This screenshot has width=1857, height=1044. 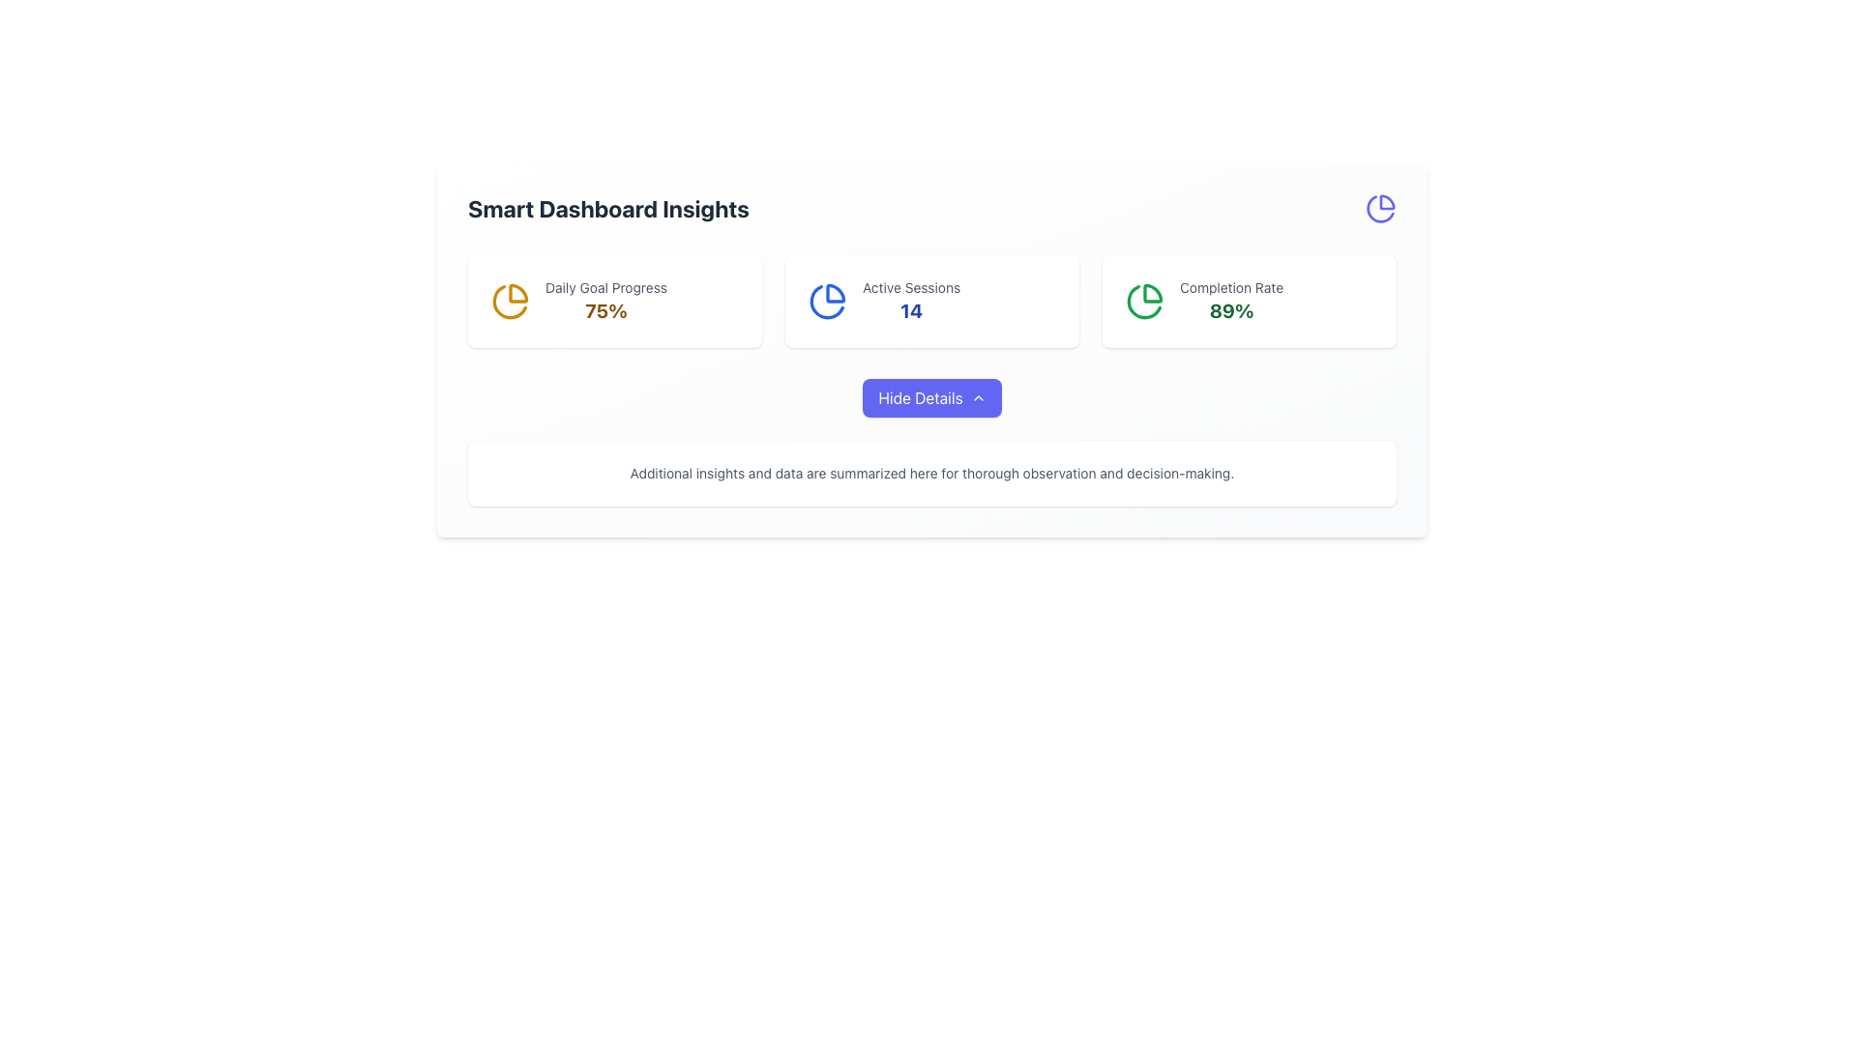 I want to click on the 'Completion Rate' text label, which displays the phrase in a small-sized gray font, located at the top-right section of the card, so click(x=1230, y=287).